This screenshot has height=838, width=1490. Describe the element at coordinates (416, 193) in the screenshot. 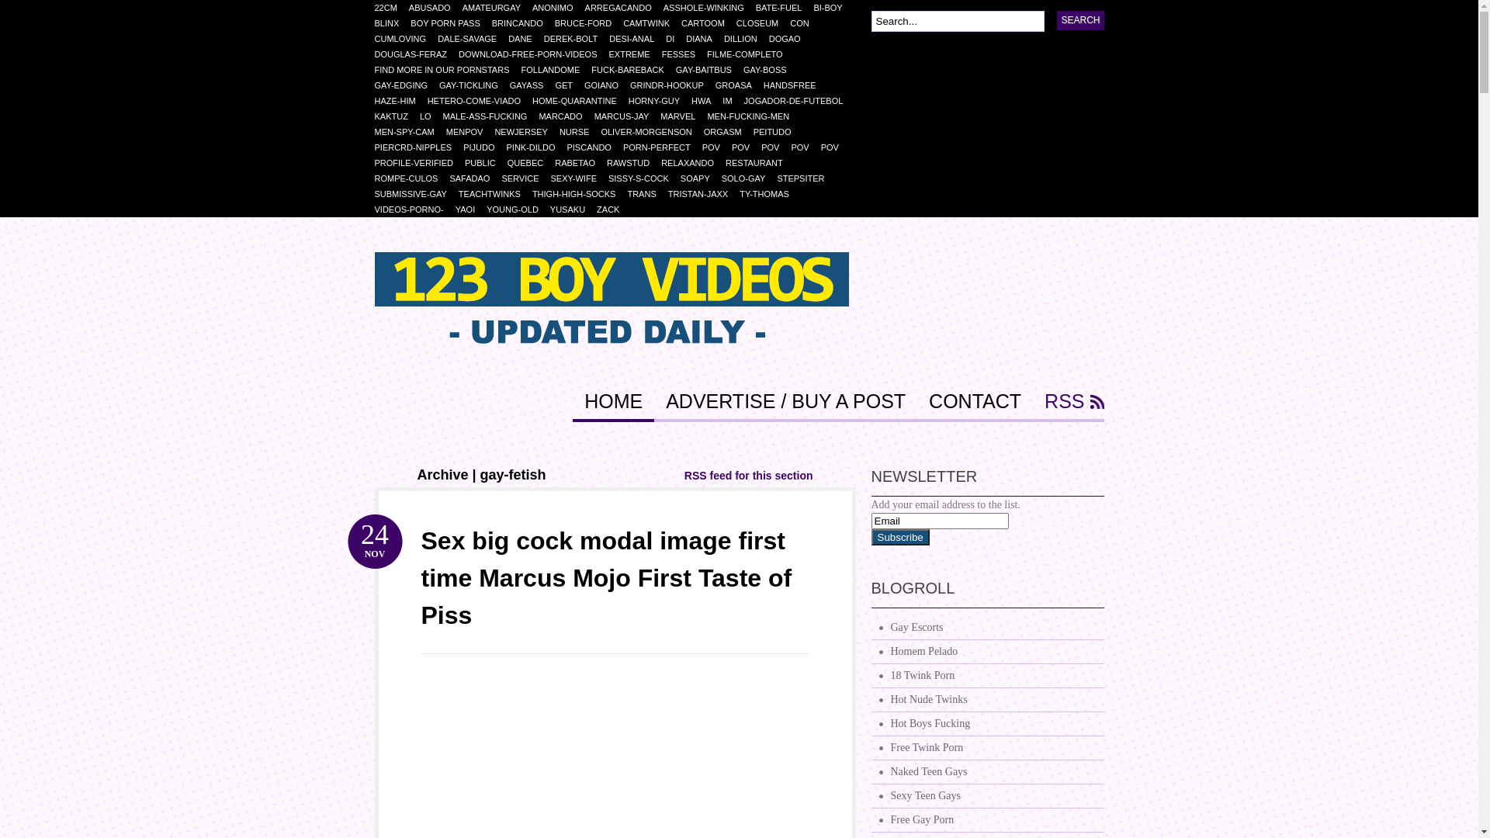

I see `'SUBMISSIVE-GAY'` at that location.